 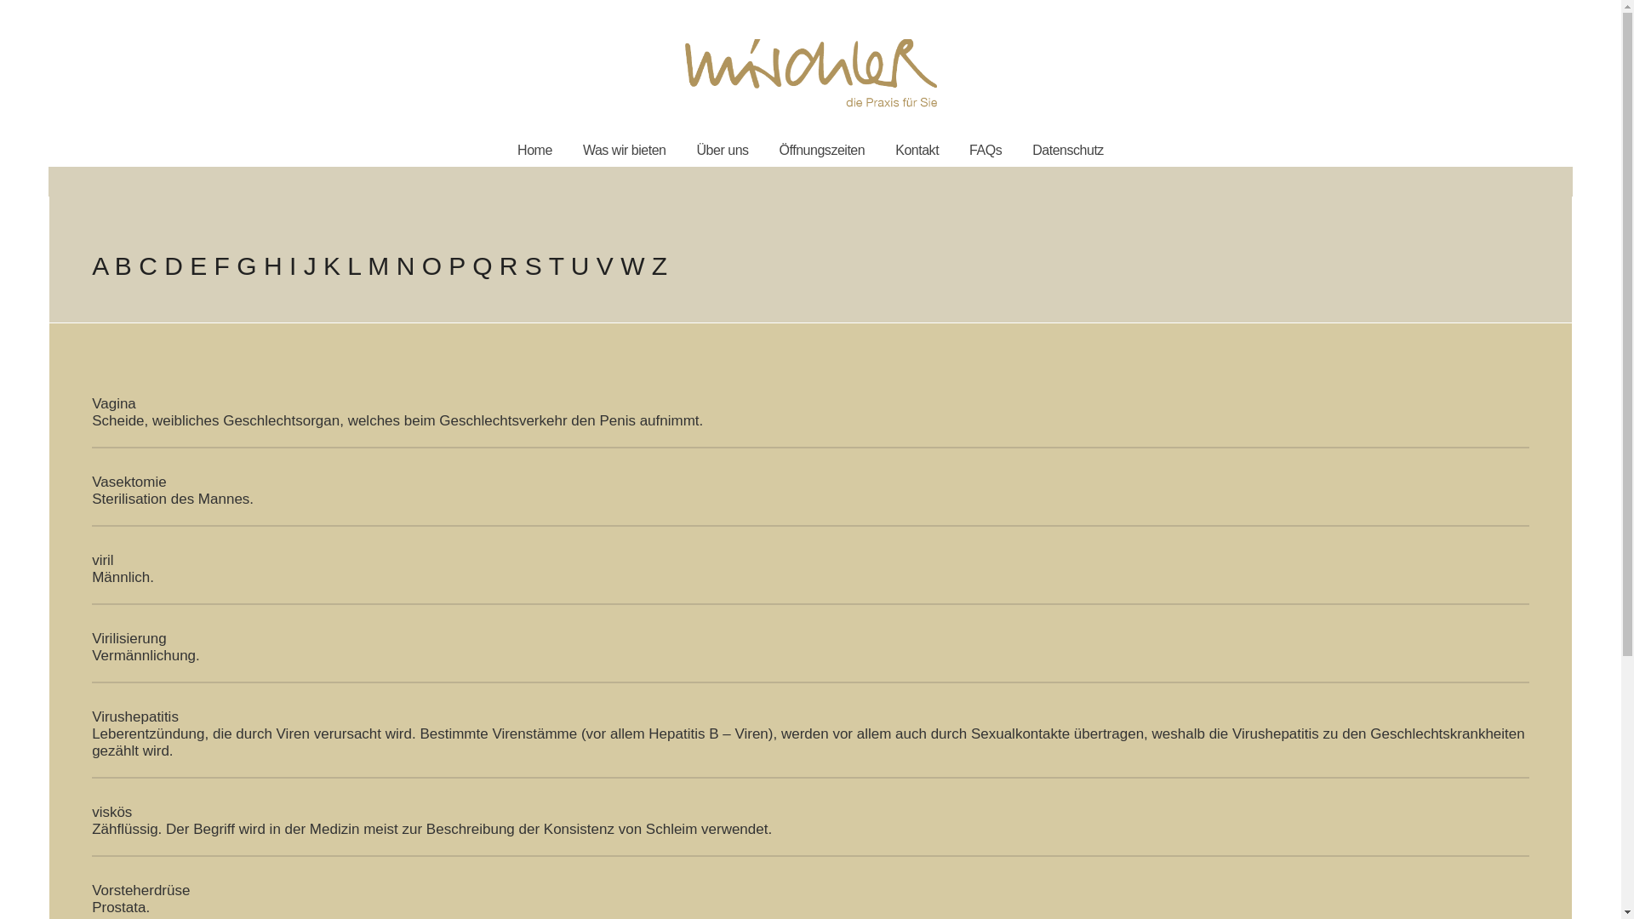 I want to click on 'I', so click(x=293, y=265).